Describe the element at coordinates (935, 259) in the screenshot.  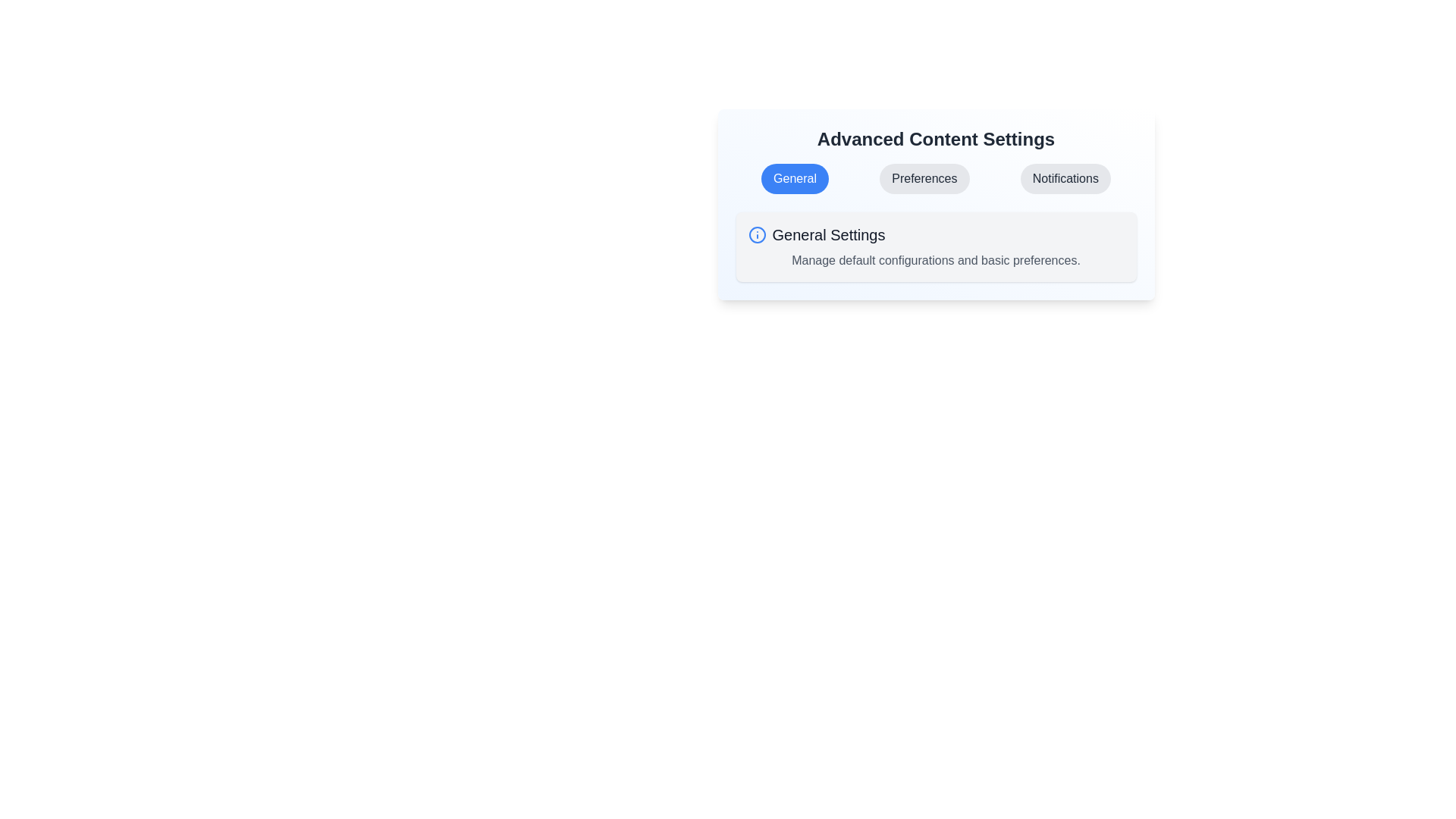
I see `descriptive text element containing 'Manage default configurations and basic preferences.' that is styled in gray and located below the 'General Settings' title` at that location.